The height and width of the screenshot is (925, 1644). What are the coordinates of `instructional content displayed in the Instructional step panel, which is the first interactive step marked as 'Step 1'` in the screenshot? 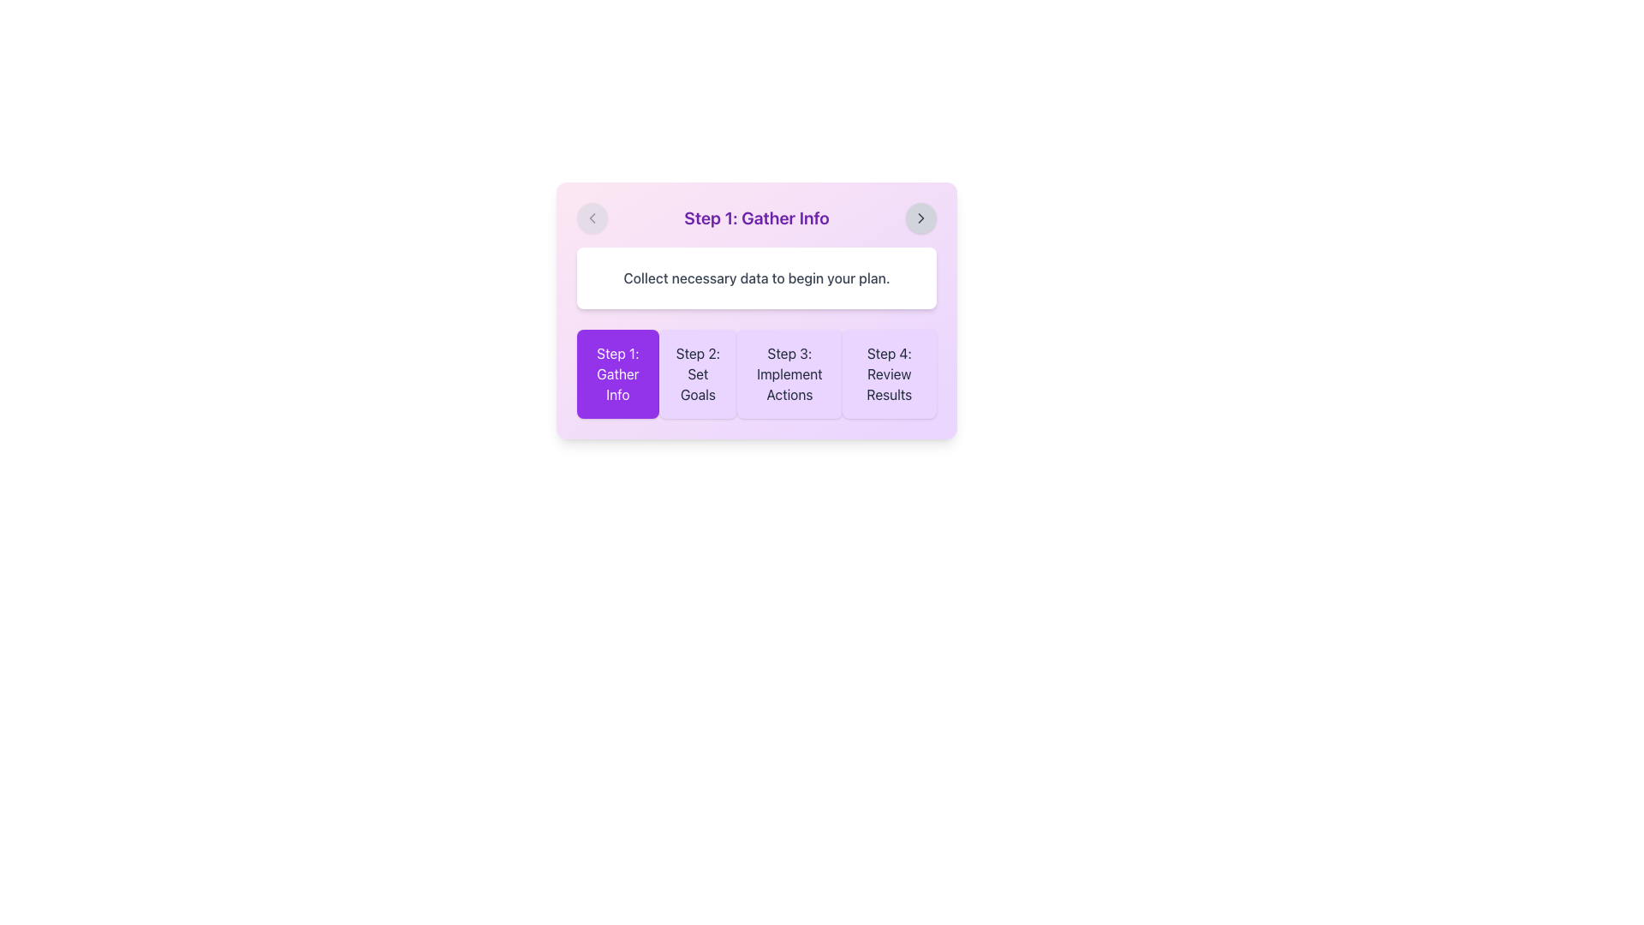 It's located at (755, 310).